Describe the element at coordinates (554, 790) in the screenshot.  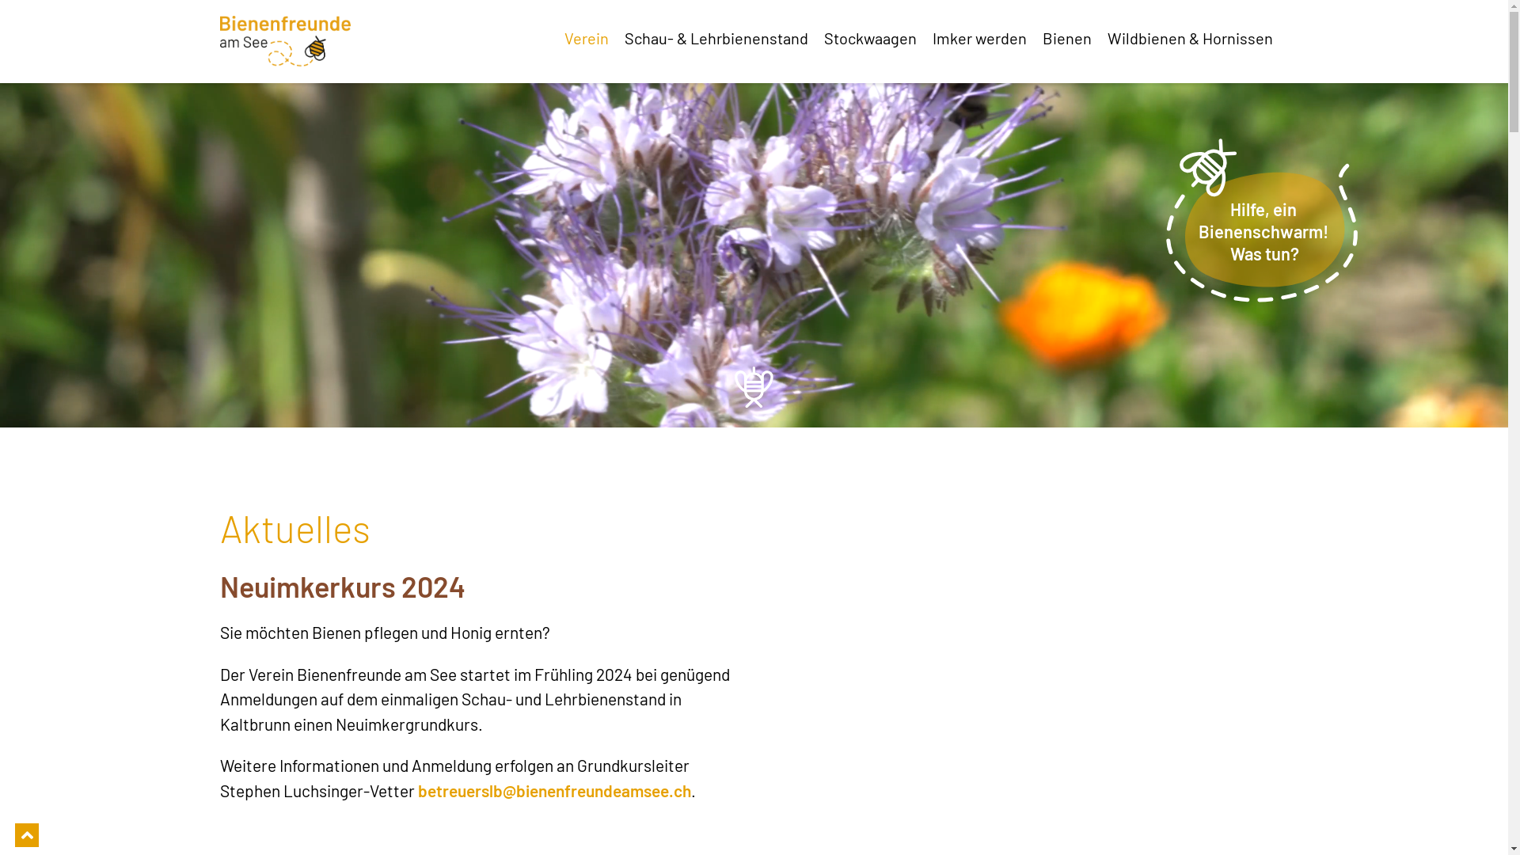
I see `'betreuerslb@bienenfreundeamsee.ch'` at that location.